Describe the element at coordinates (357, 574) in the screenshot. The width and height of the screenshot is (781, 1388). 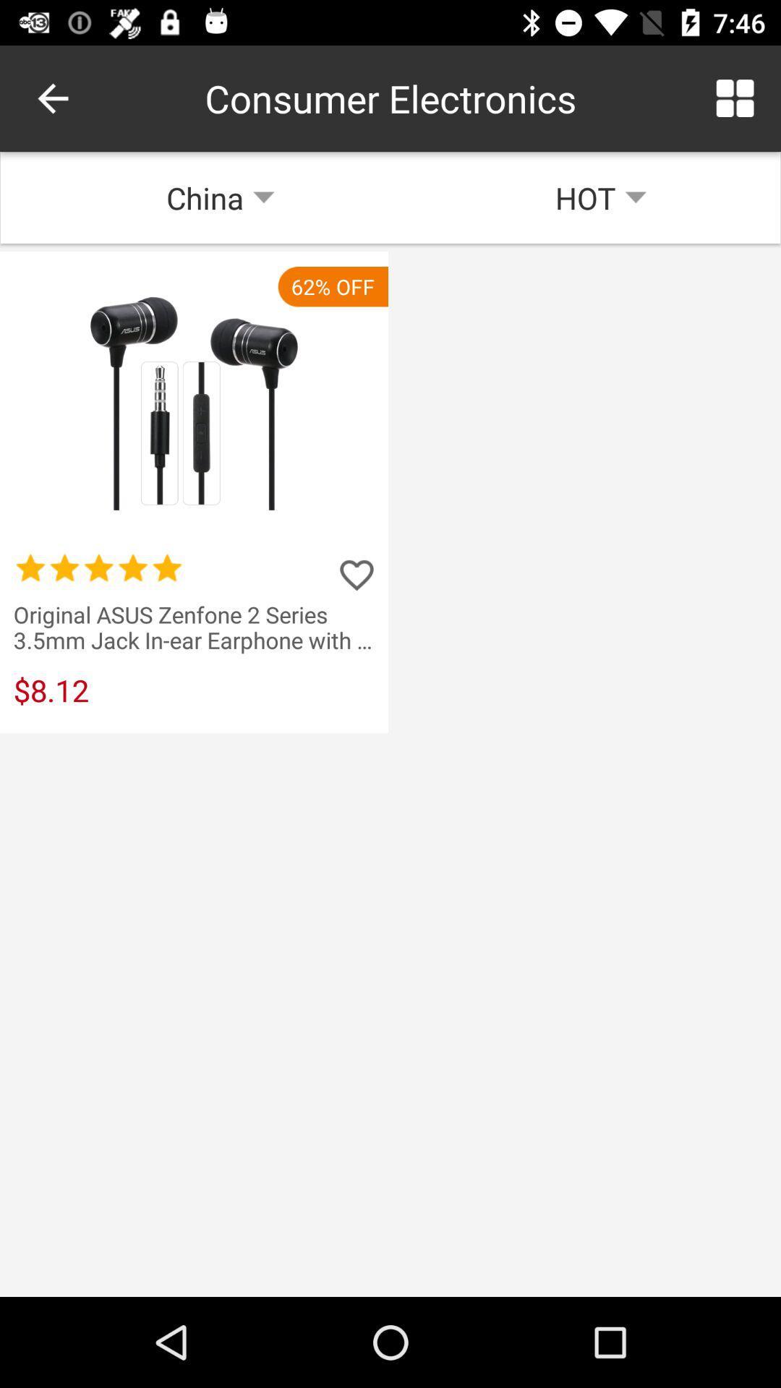
I see `heart item` at that location.